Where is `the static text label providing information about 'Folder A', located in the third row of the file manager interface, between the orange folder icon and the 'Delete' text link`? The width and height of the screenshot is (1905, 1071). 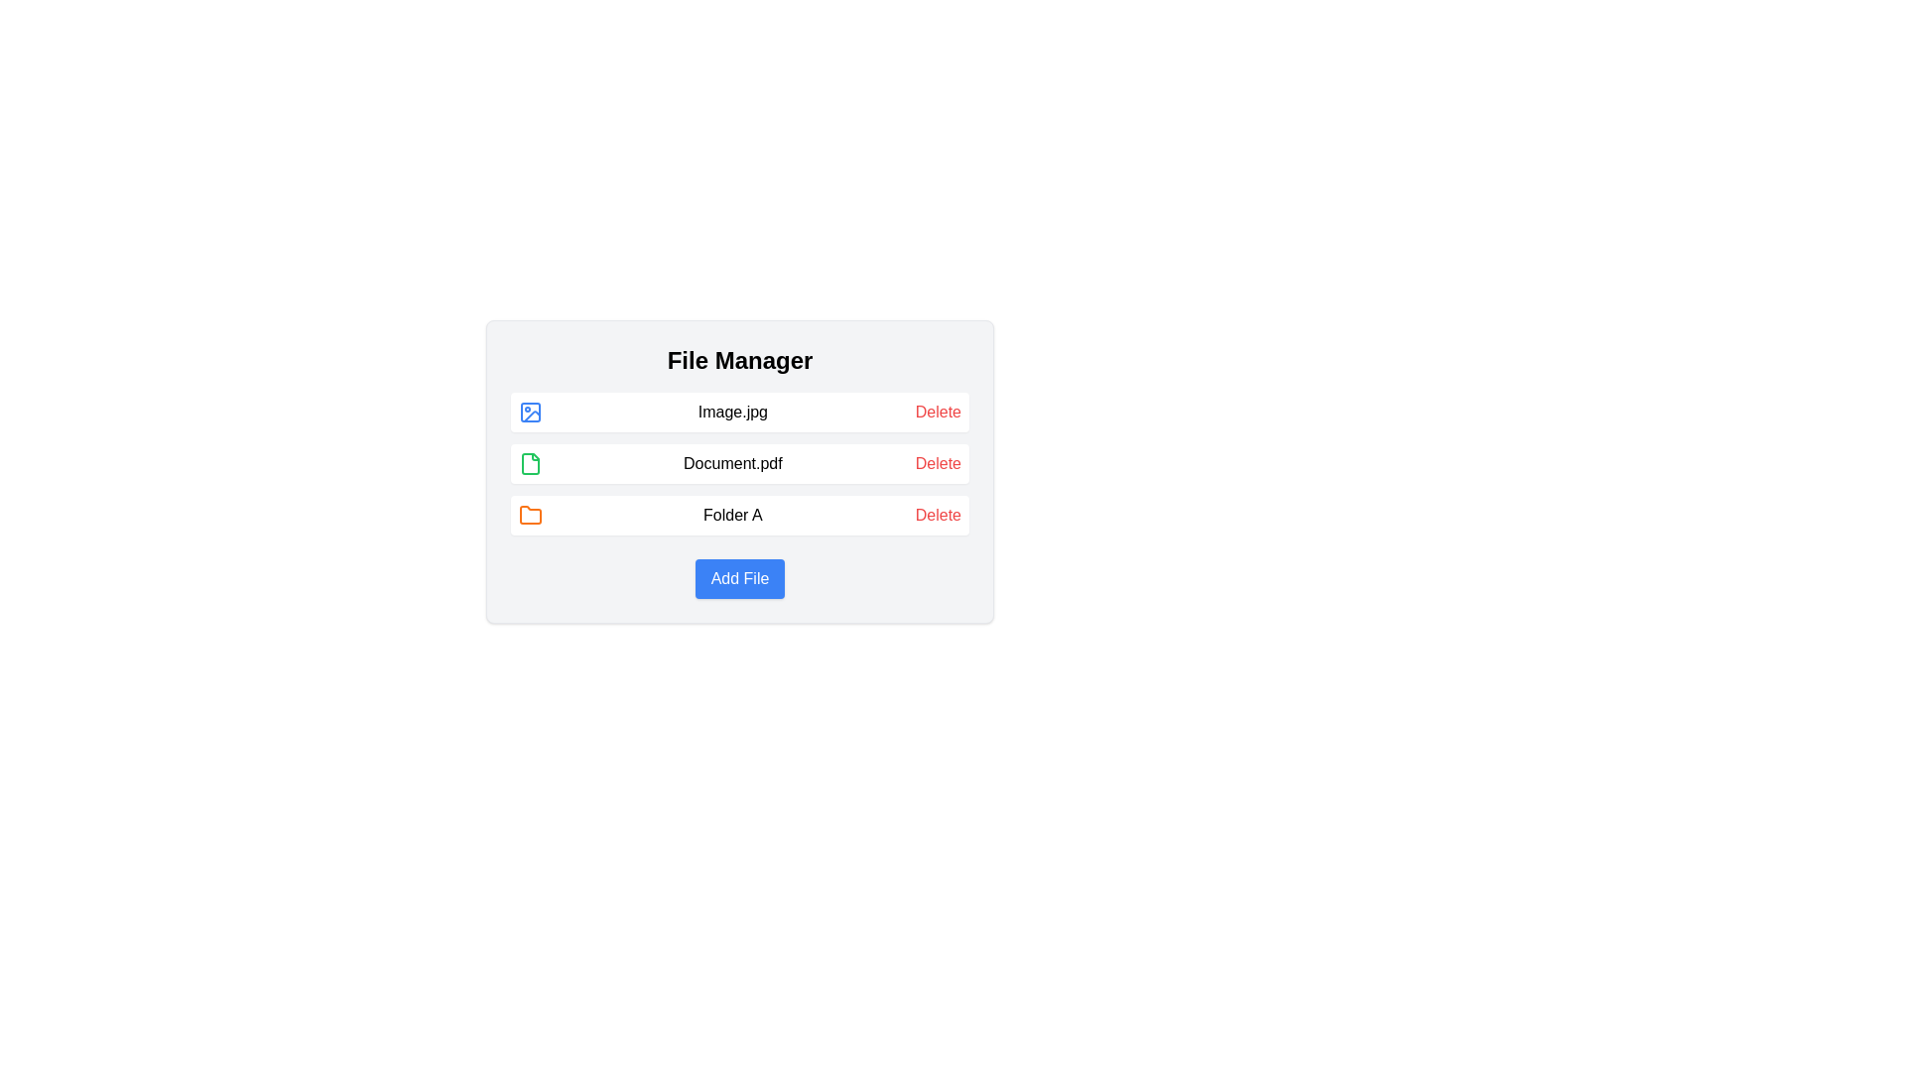
the static text label providing information about 'Folder A', located in the third row of the file manager interface, between the orange folder icon and the 'Delete' text link is located at coordinates (731, 515).